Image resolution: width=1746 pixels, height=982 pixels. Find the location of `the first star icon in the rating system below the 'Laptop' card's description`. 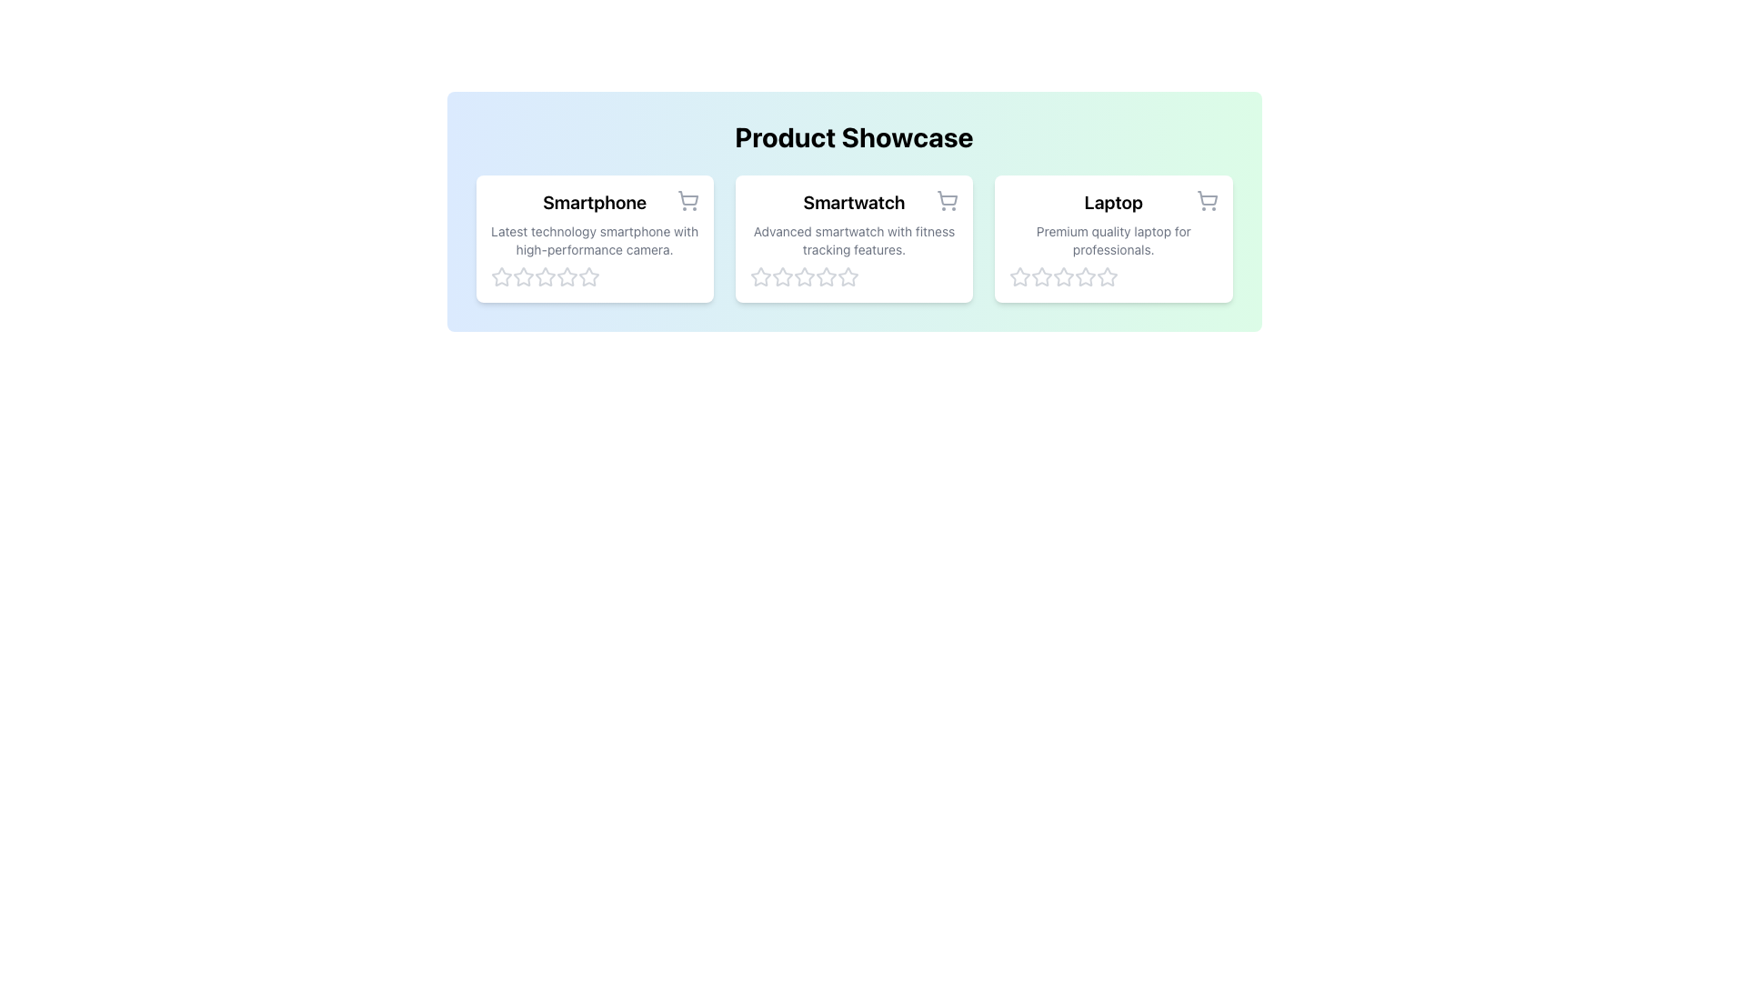

the first star icon in the rating system below the 'Laptop' card's description is located at coordinates (1020, 276).